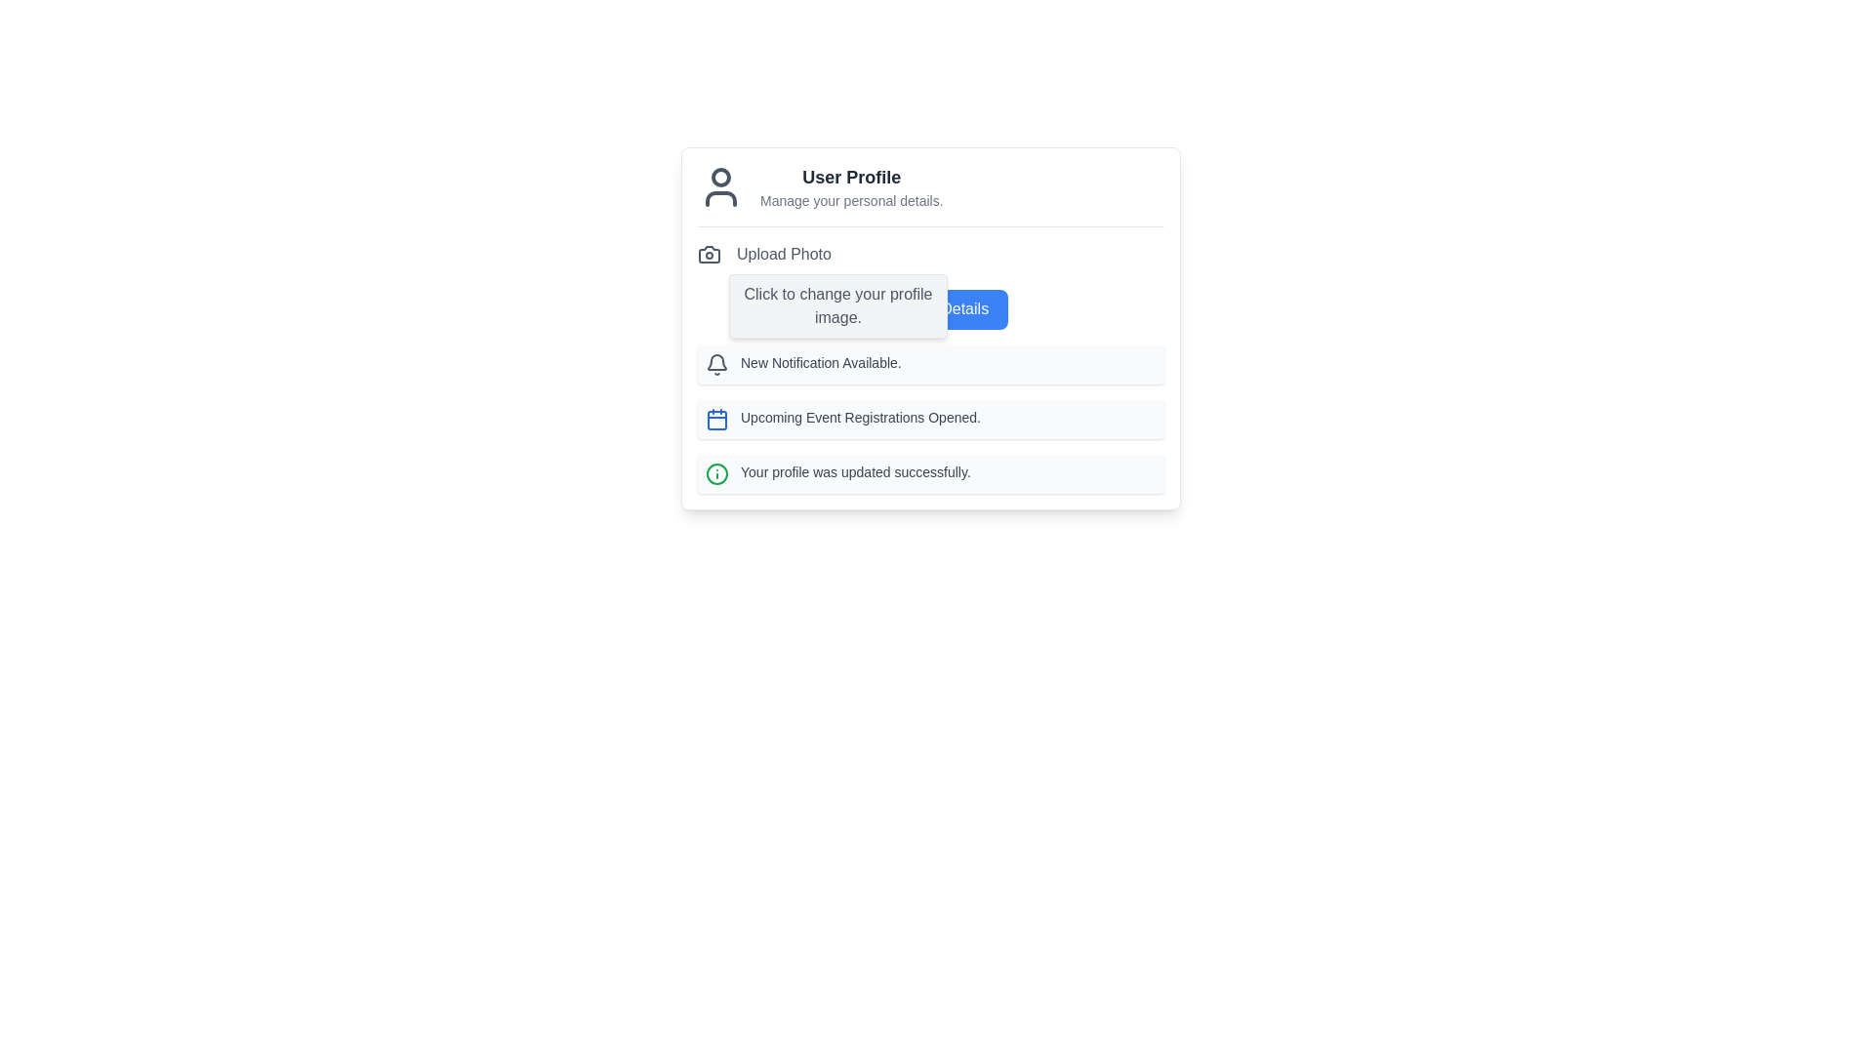 The width and height of the screenshot is (1874, 1054). What do you see at coordinates (708, 254) in the screenshot?
I see `the camera icon located in the 'Upload Photo' section` at bounding box center [708, 254].